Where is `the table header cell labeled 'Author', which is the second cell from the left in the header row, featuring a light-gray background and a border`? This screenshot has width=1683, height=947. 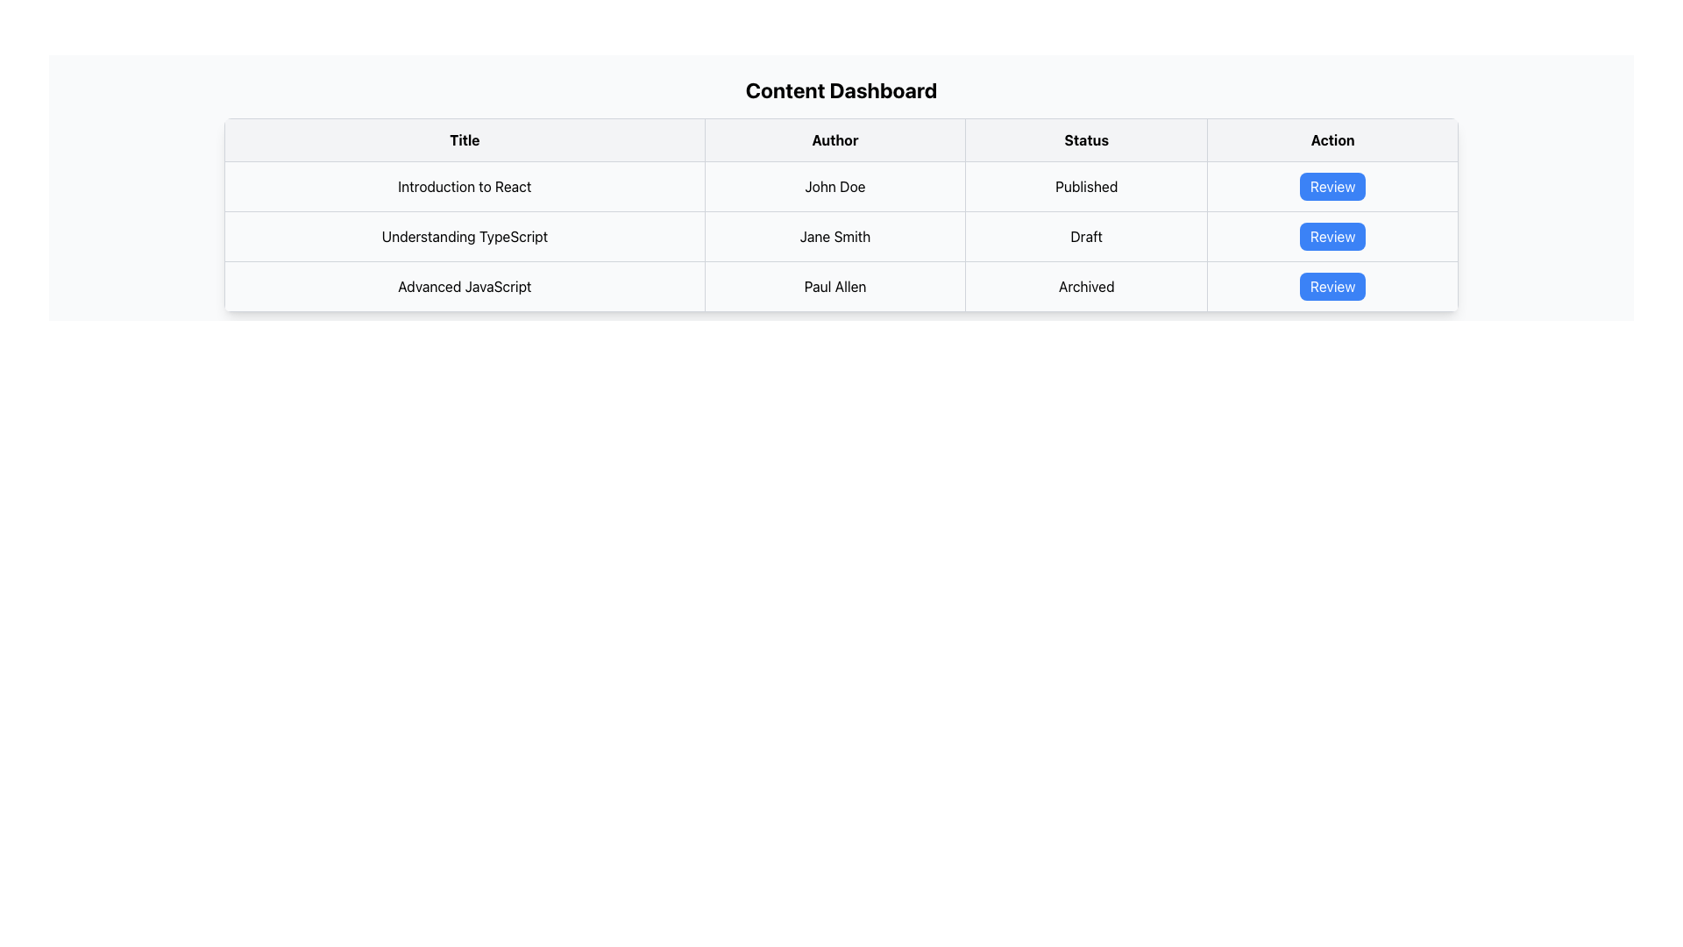
the table header cell labeled 'Author', which is the second cell from the left in the header row, featuring a light-gray background and a border is located at coordinates (834, 139).